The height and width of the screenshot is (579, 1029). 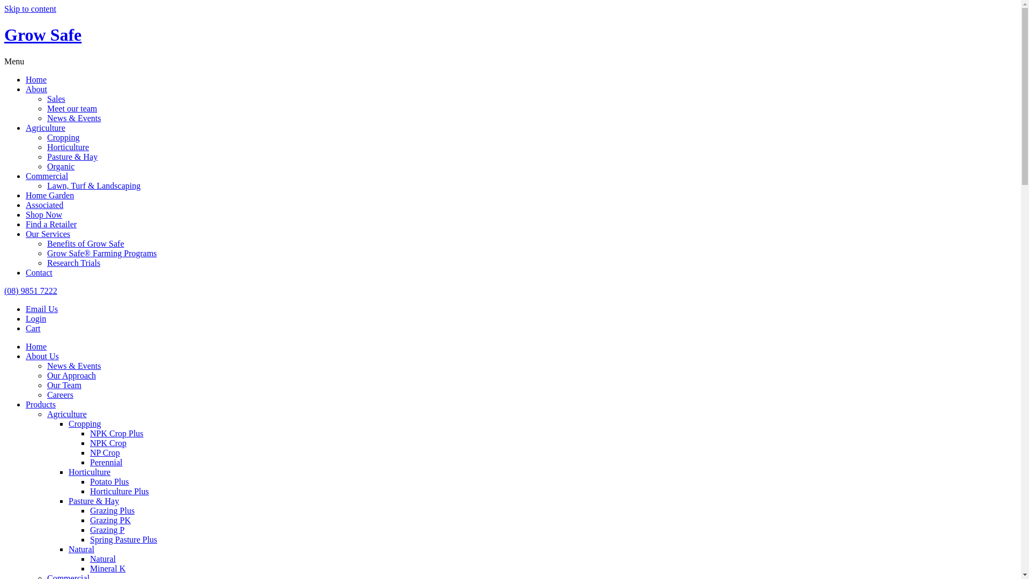 I want to click on 'Benefits of Grow Safe', so click(x=85, y=243).